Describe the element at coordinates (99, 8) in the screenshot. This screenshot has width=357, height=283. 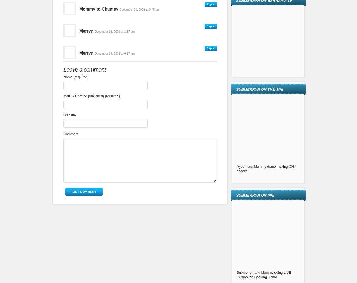
I see `'Mommy to Chumsy'` at that location.